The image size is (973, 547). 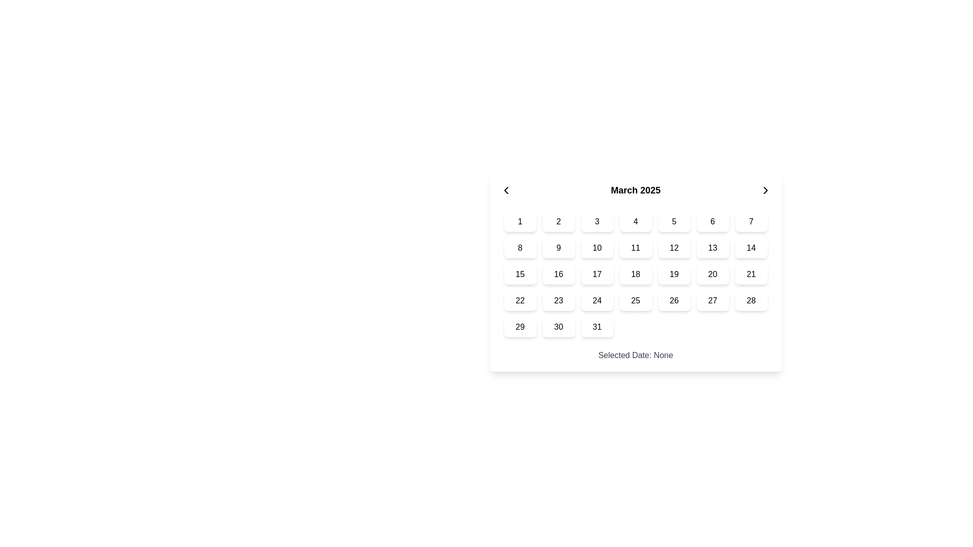 I want to click on the sixth button in the first row of the calendar grid, so click(x=712, y=221).